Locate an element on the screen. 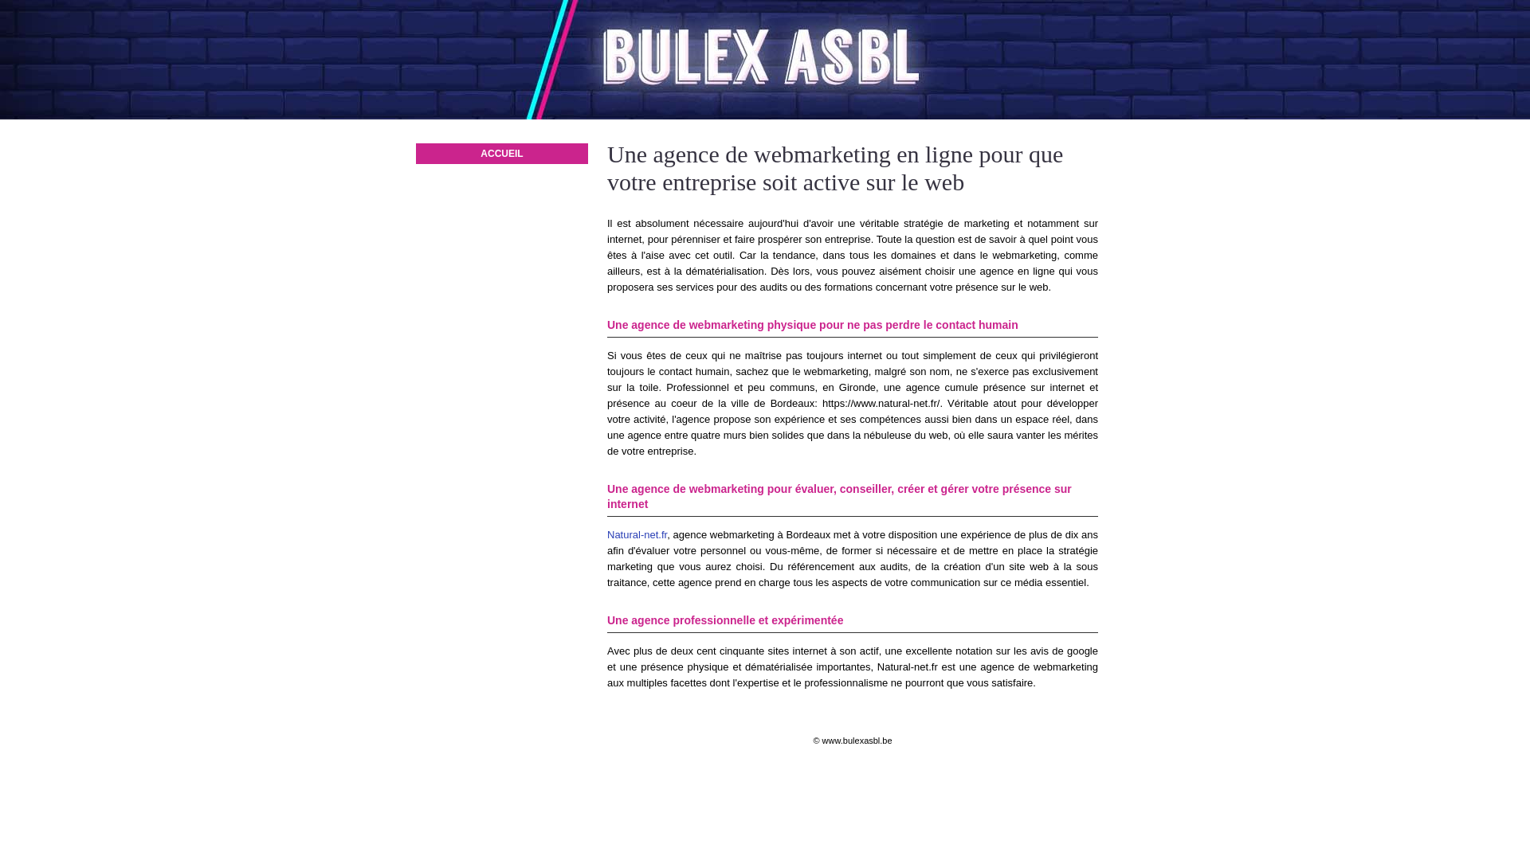 The image size is (1530, 860). 'Natural-net.fr' is located at coordinates (636, 534).